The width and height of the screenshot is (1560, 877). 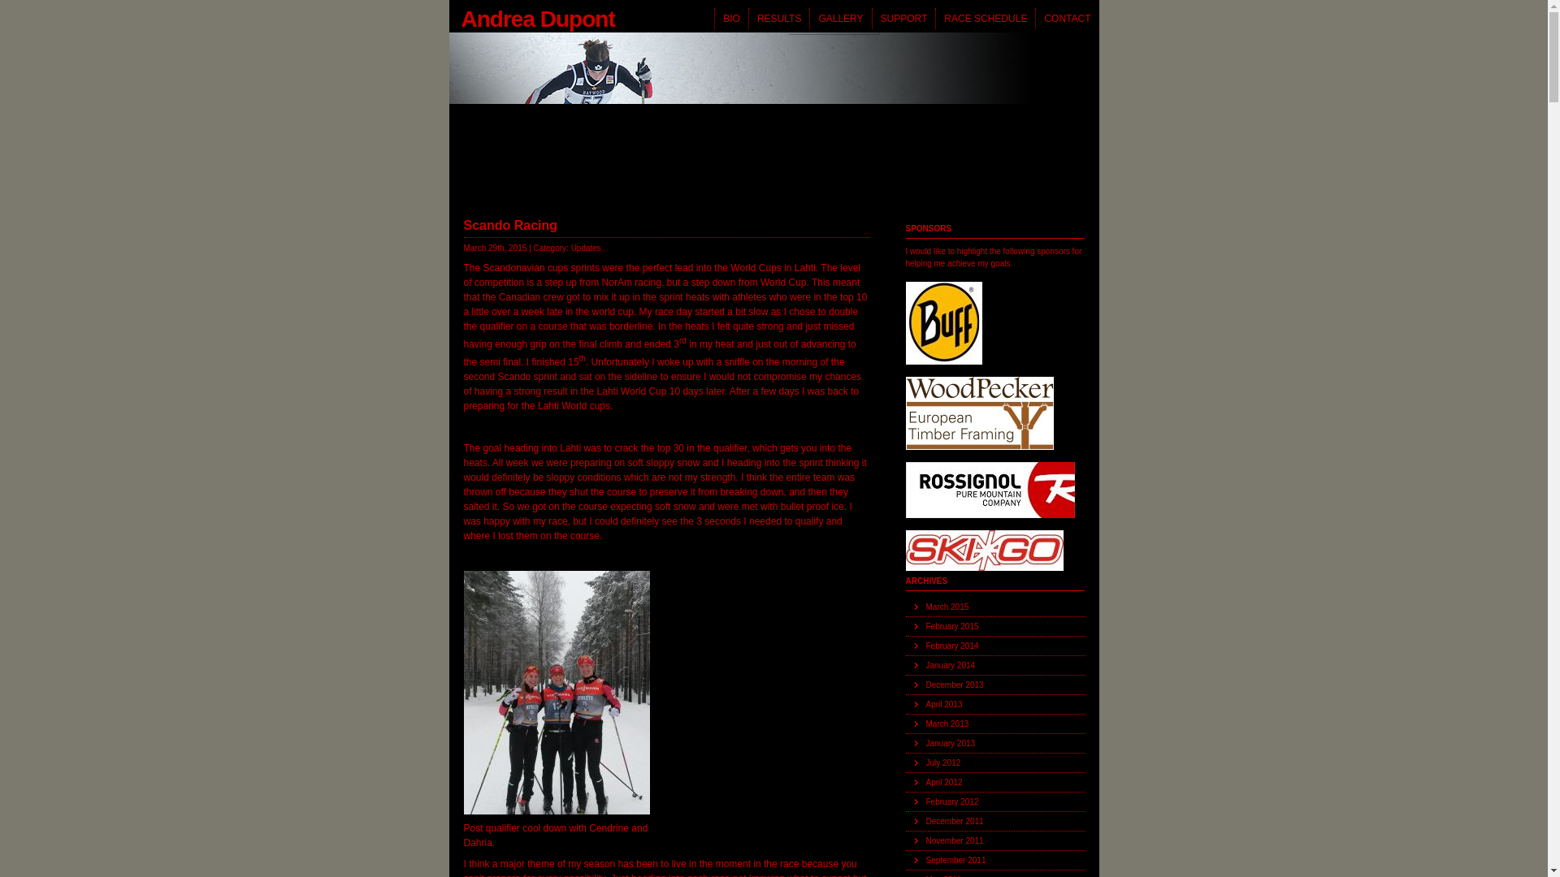 I want to click on 'February 2014', so click(x=994, y=645).